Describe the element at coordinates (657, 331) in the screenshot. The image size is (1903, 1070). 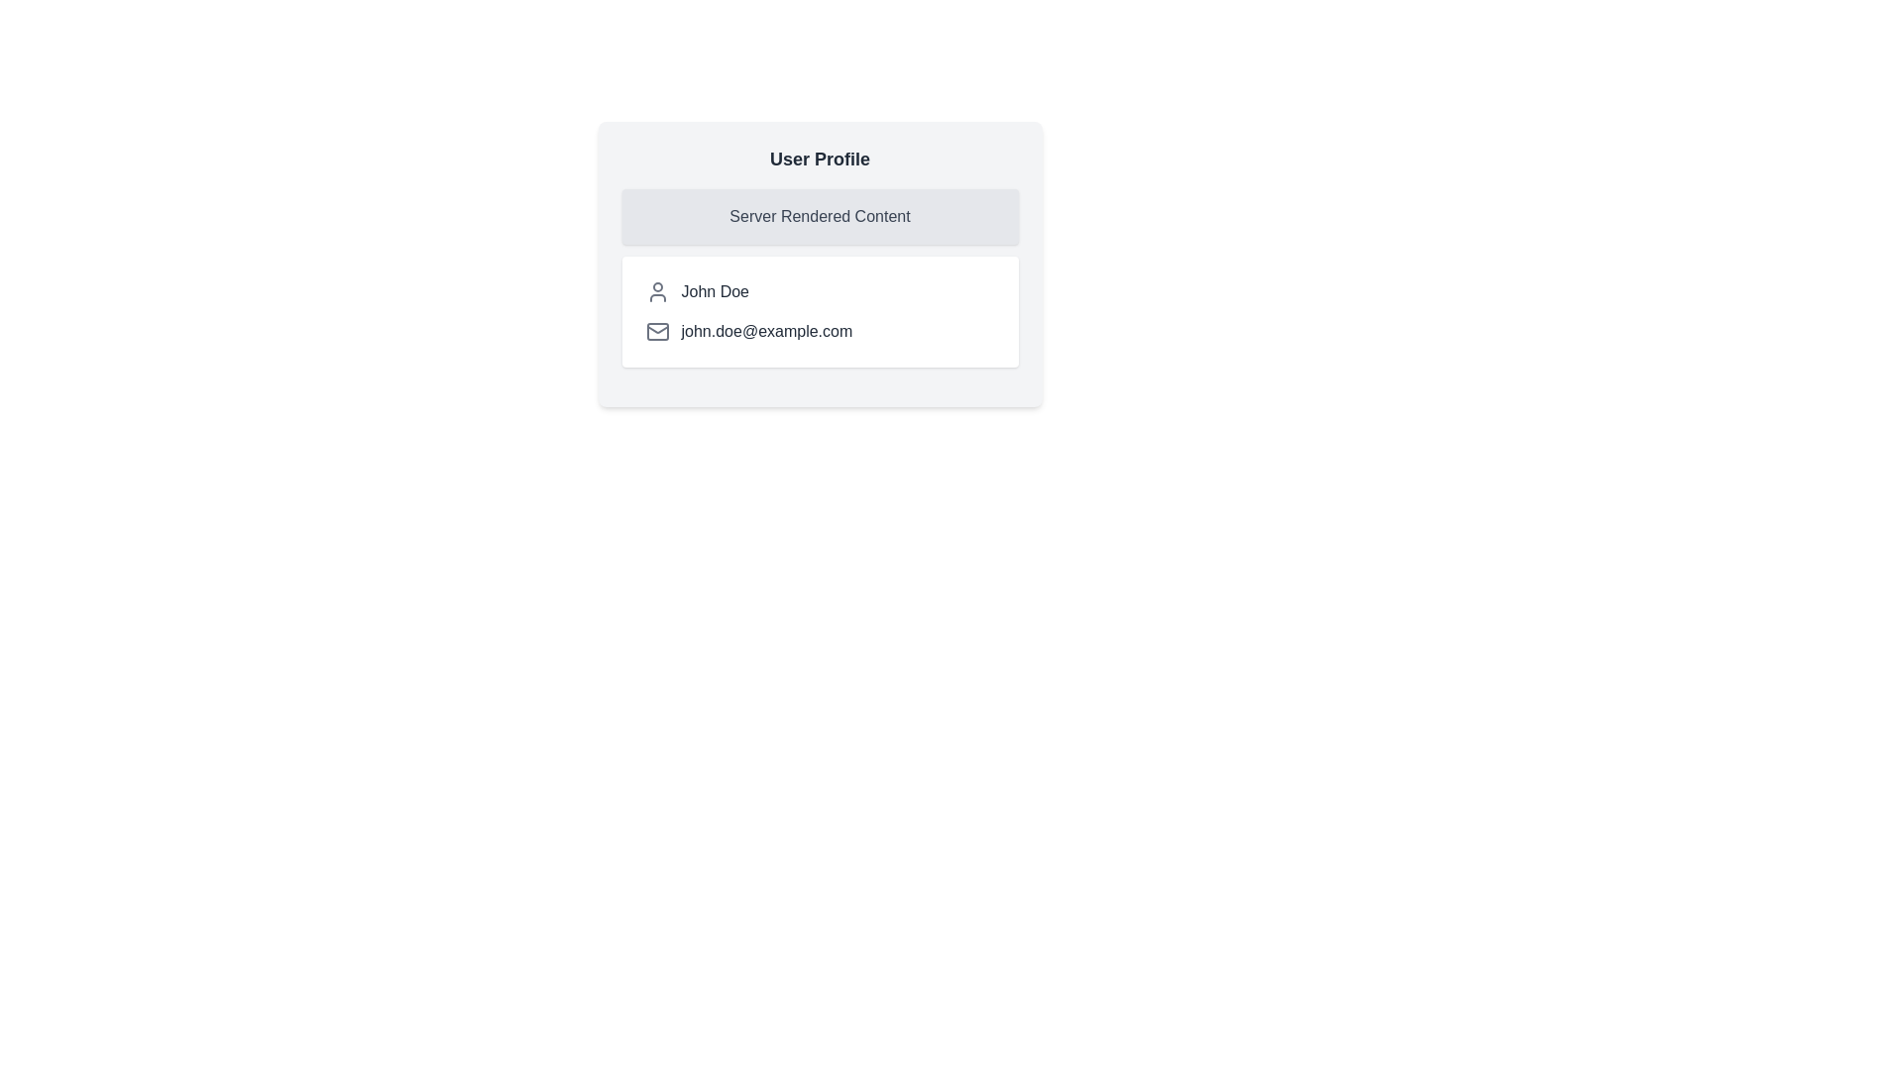
I see `the Envelope icon that visually indicates email contact information, which is positioned immediately before the text 'john.doe@example.com'` at that location.